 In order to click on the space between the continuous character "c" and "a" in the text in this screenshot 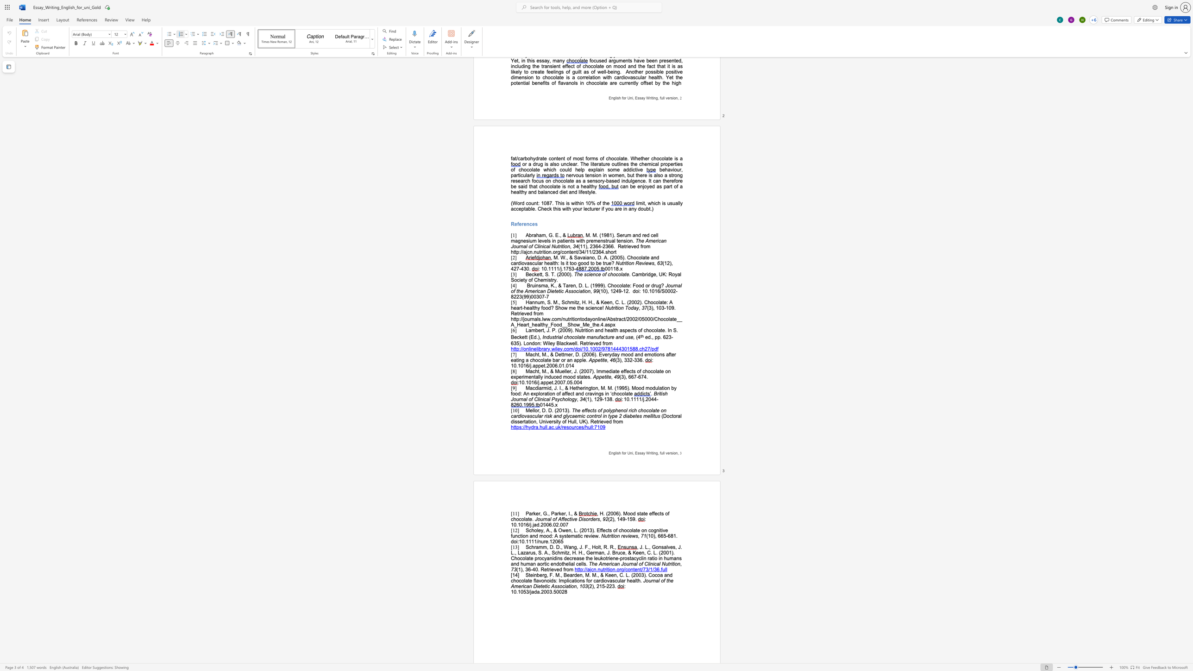, I will do `click(526, 586)`.